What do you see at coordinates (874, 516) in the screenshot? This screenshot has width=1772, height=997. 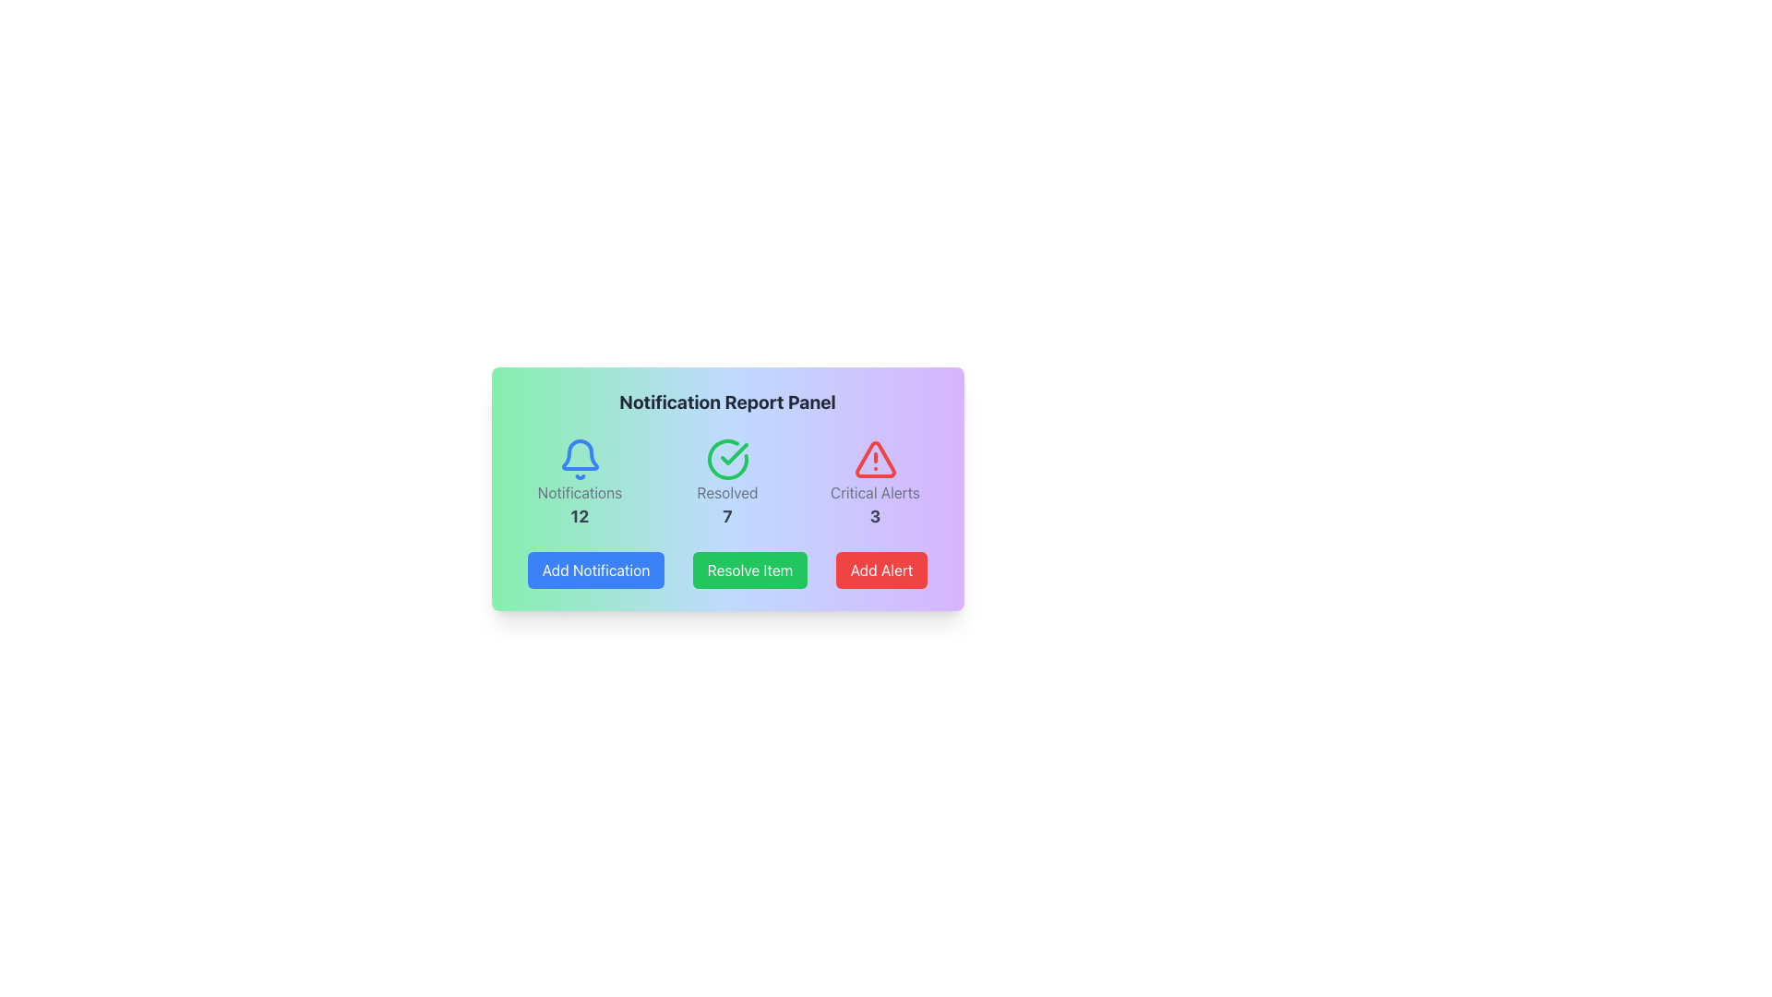 I see `the numerical text '3' displayed in a bold and large font, positioned below the 'Critical Alerts' label and above the 'Add Alert' button` at bounding box center [874, 516].